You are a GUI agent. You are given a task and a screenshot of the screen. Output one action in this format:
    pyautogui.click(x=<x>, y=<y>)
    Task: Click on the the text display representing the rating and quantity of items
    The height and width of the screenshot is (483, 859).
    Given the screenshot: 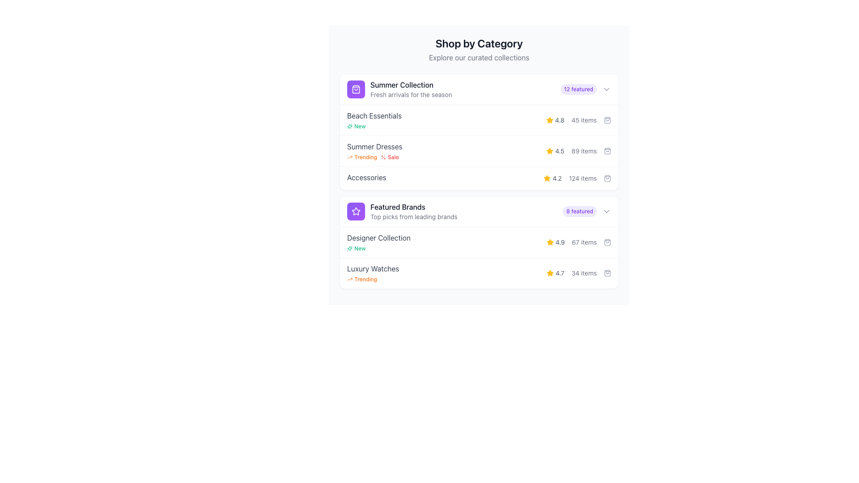 What is the action you would take?
    pyautogui.click(x=578, y=120)
    